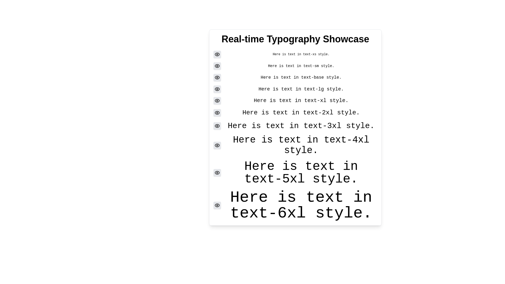 This screenshot has height=284, width=505. What do you see at coordinates (217, 205) in the screenshot?
I see `the small, square button with a light gray background and a black eye icon` at bounding box center [217, 205].